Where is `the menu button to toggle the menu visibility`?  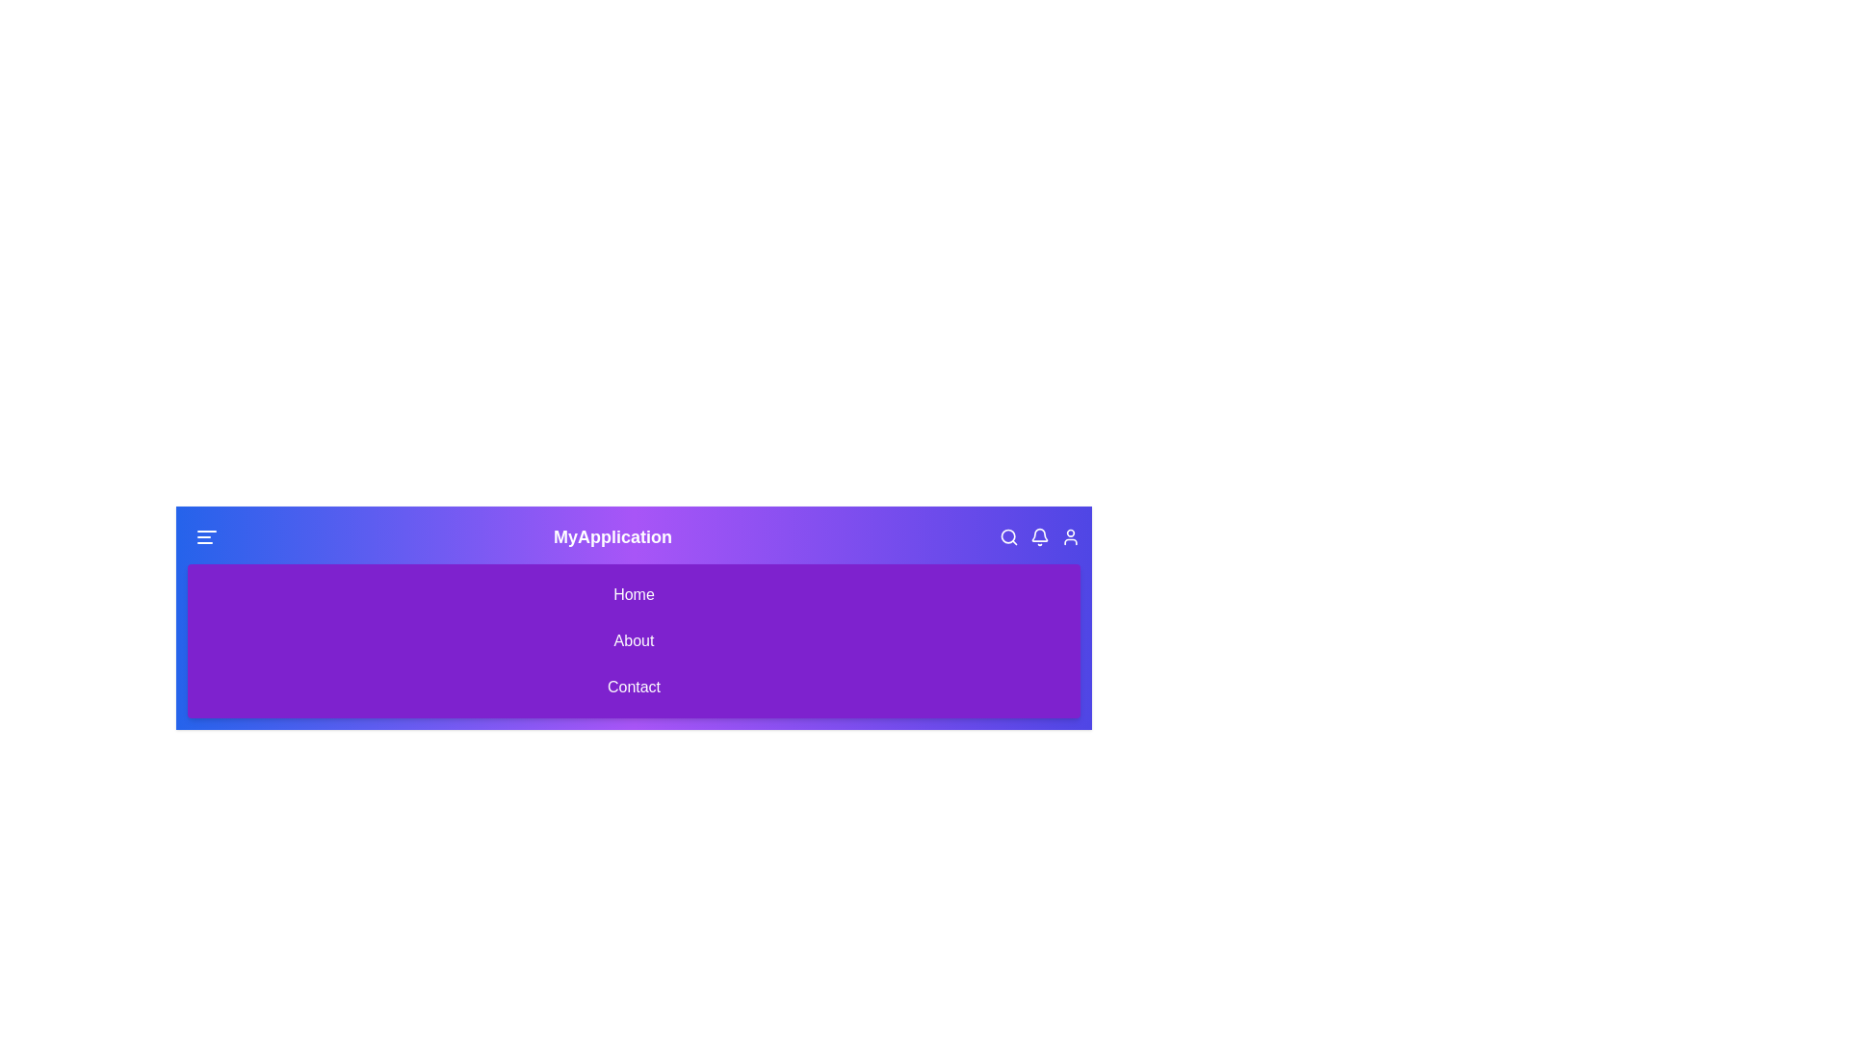 the menu button to toggle the menu visibility is located at coordinates (207, 537).